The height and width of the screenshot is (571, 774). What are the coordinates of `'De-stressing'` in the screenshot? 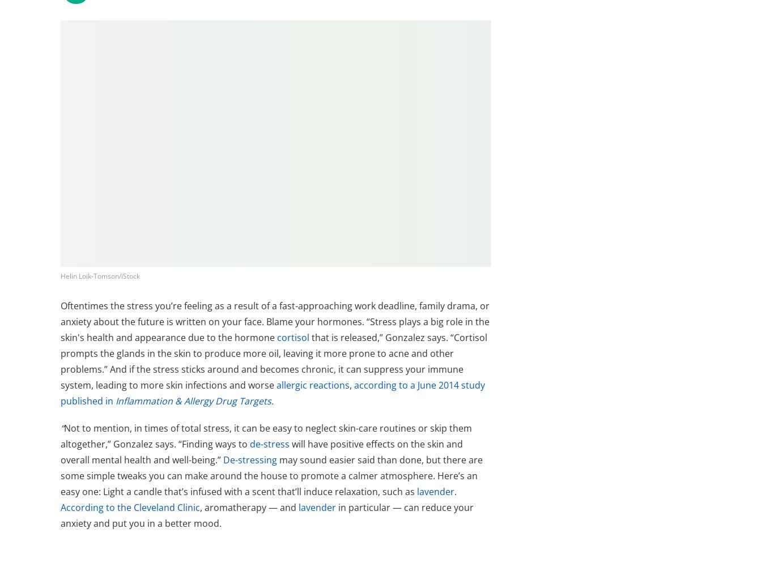 It's located at (249, 459).